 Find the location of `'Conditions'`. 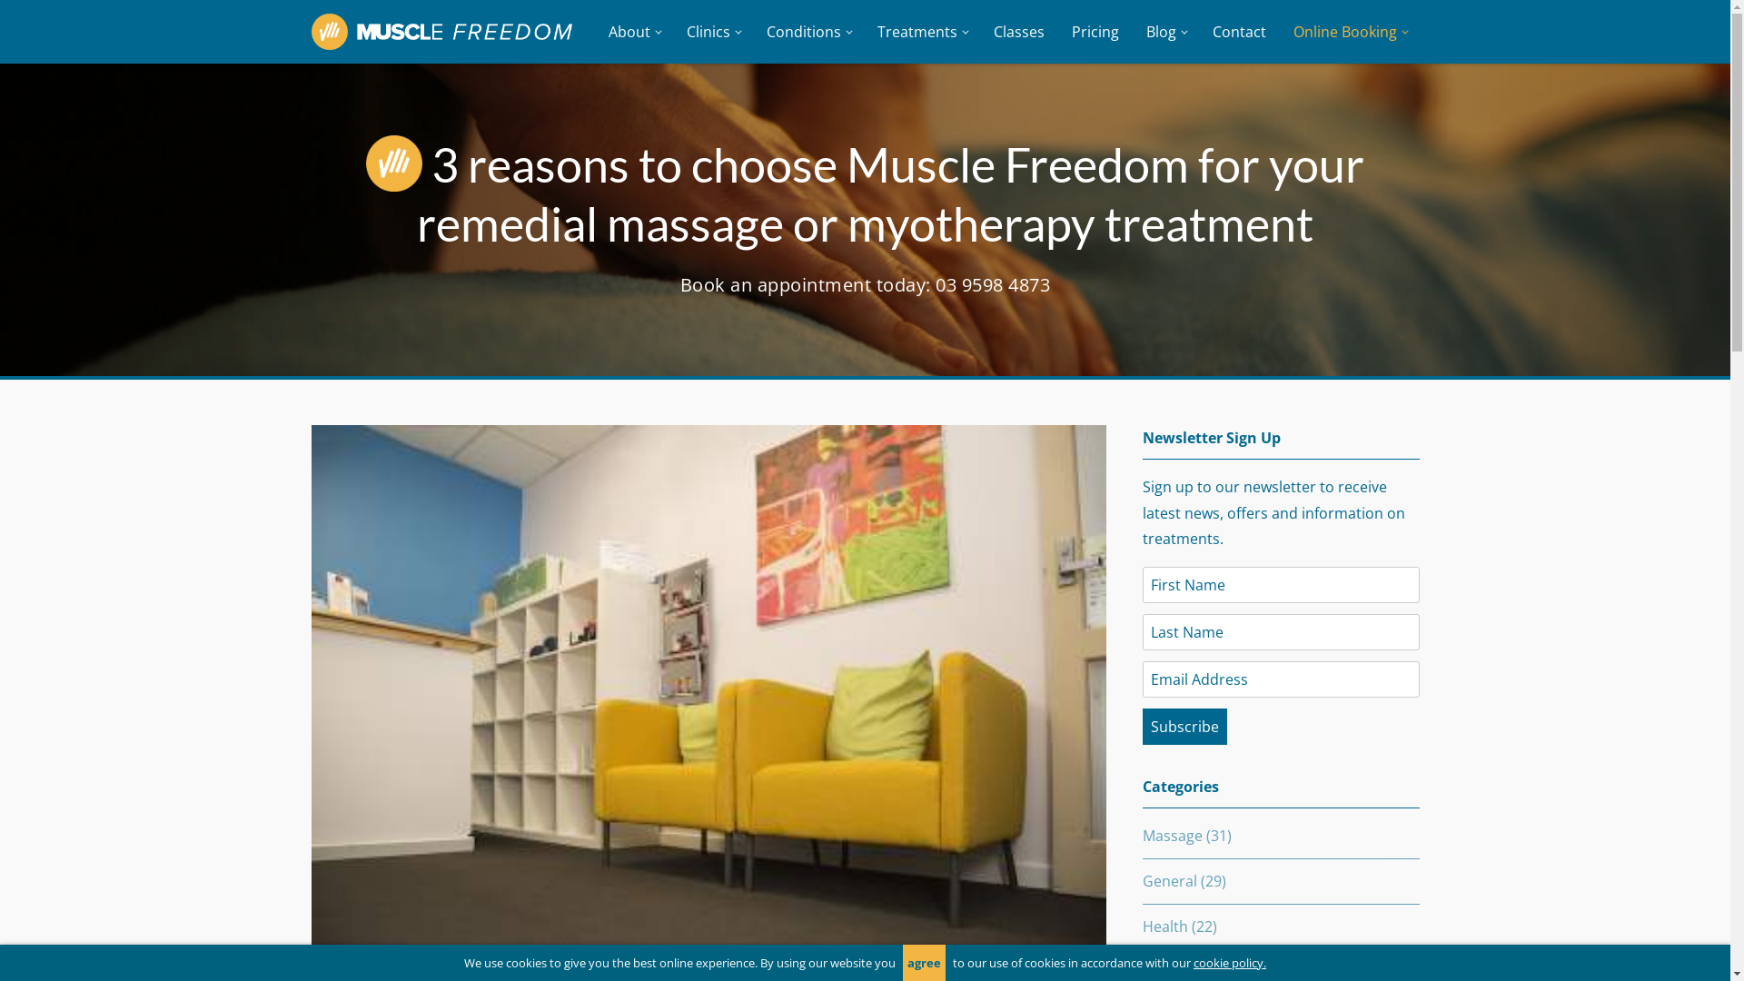

'Conditions' is located at coordinates (806, 31).